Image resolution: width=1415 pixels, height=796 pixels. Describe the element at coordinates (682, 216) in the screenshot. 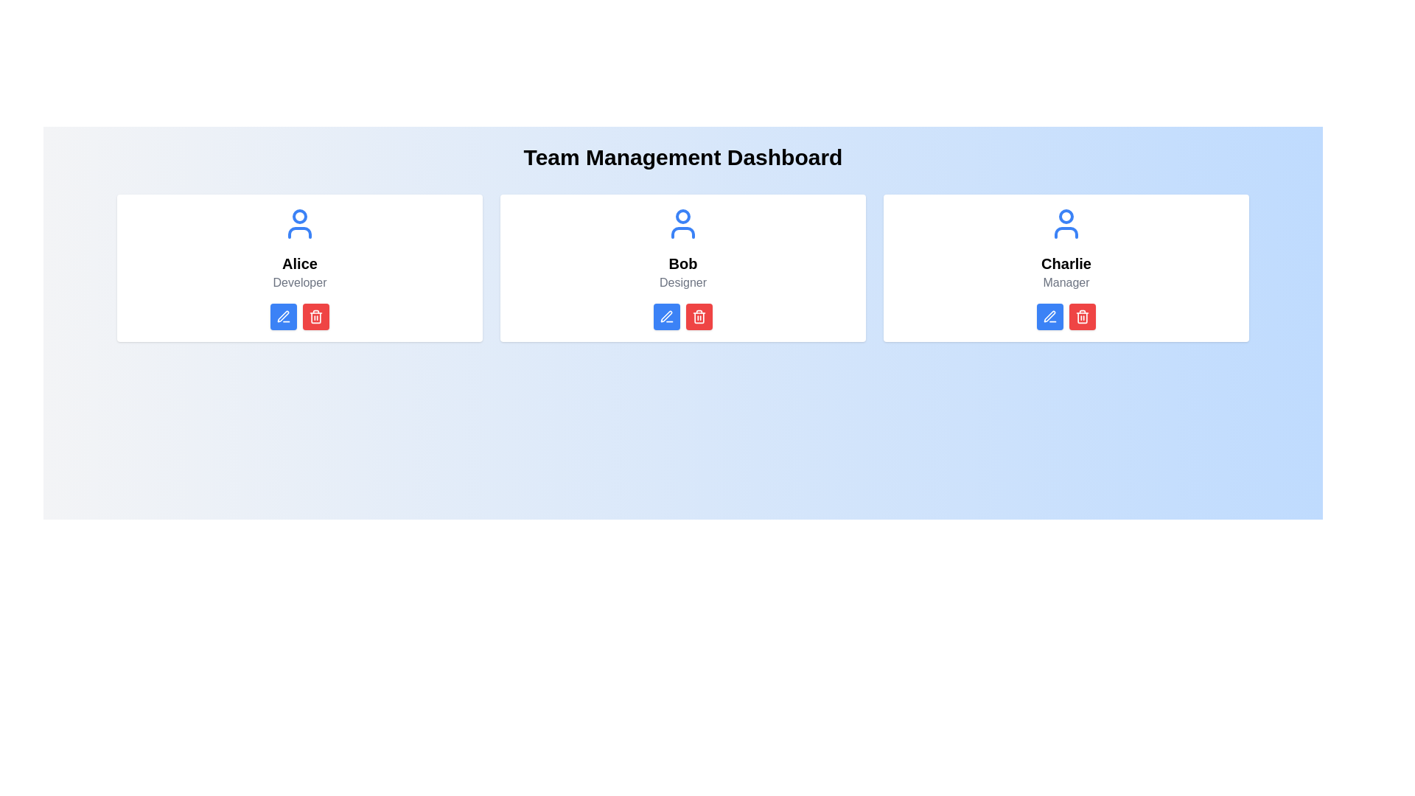

I see `the small blue circular shape centered within the user avatar icon located at the top of the 'Bob Designer' card in the 'Team Management Dashboard'` at that location.